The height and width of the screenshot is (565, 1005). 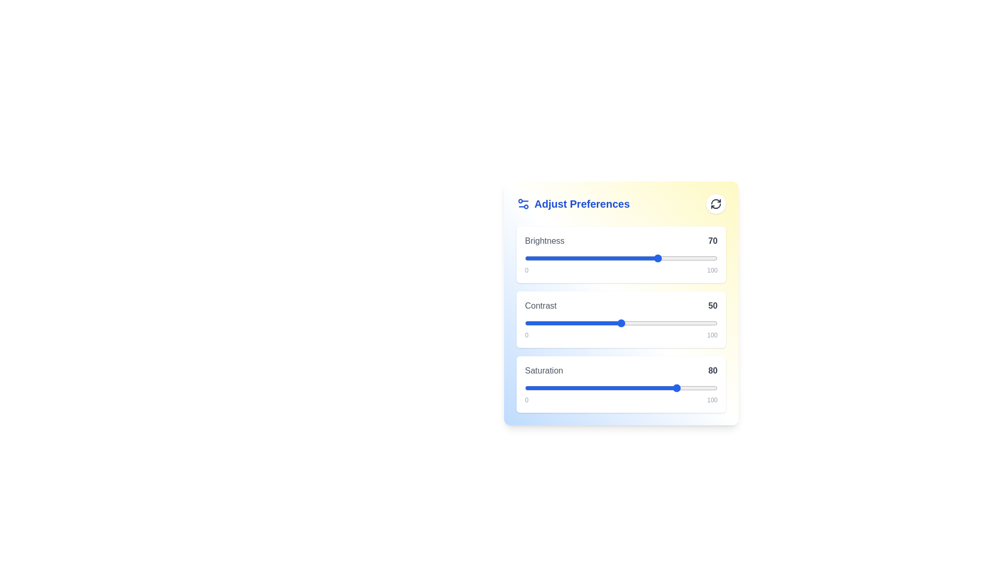 I want to click on brightness, so click(x=604, y=258).